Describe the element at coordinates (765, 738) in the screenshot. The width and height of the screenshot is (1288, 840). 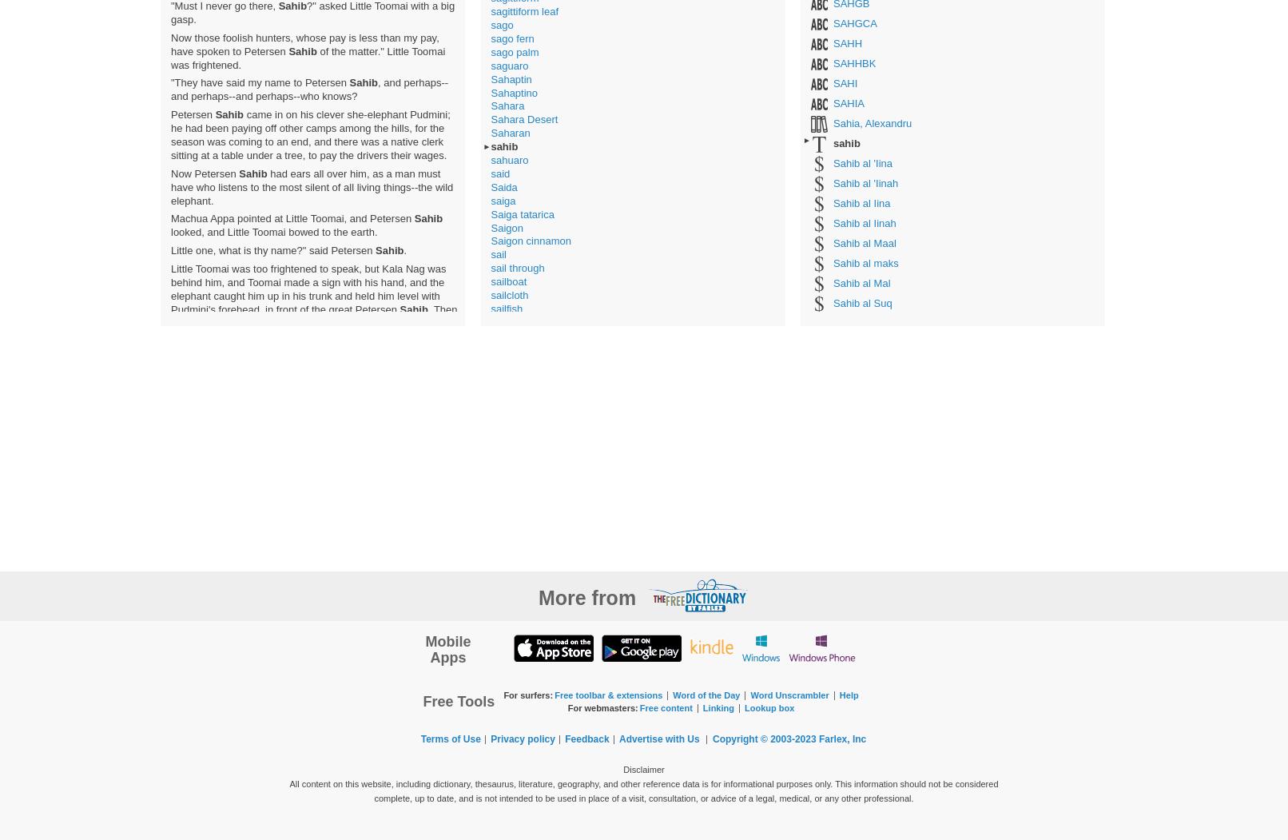
I see `'Copyright © 2003-2023'` at that location.